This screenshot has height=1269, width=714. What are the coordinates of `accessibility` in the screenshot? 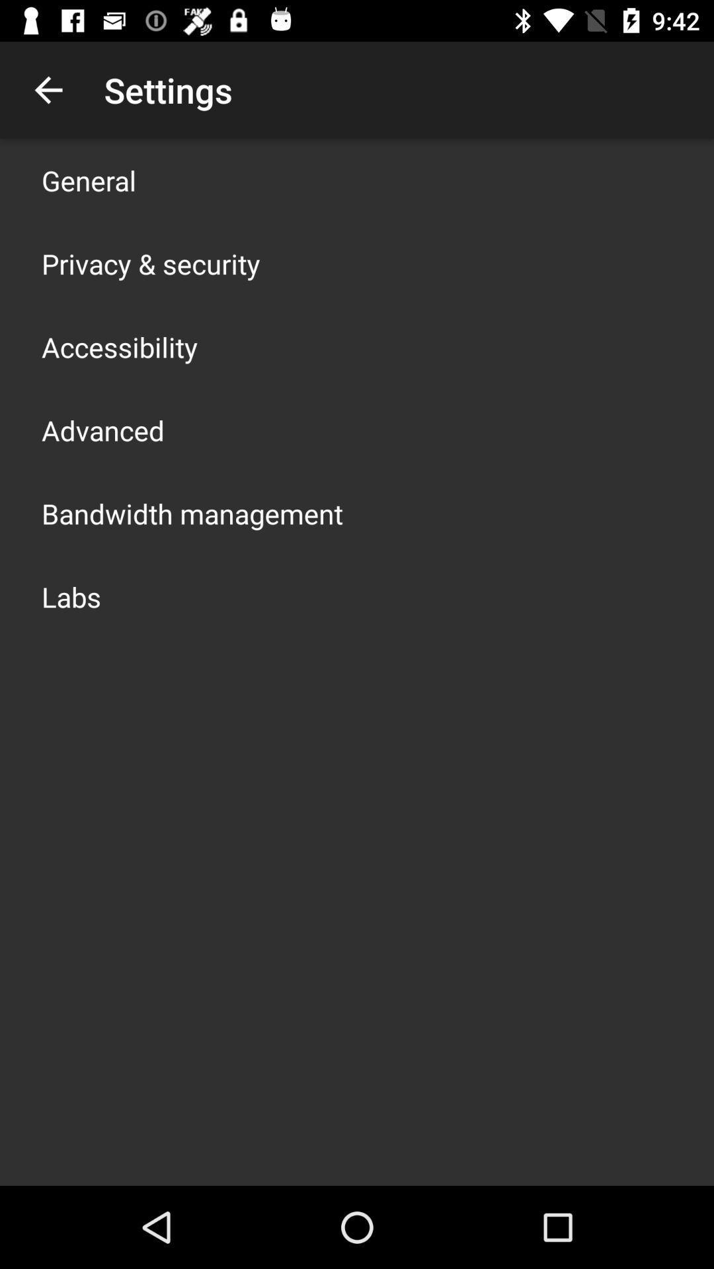 It's located at (120, 346).